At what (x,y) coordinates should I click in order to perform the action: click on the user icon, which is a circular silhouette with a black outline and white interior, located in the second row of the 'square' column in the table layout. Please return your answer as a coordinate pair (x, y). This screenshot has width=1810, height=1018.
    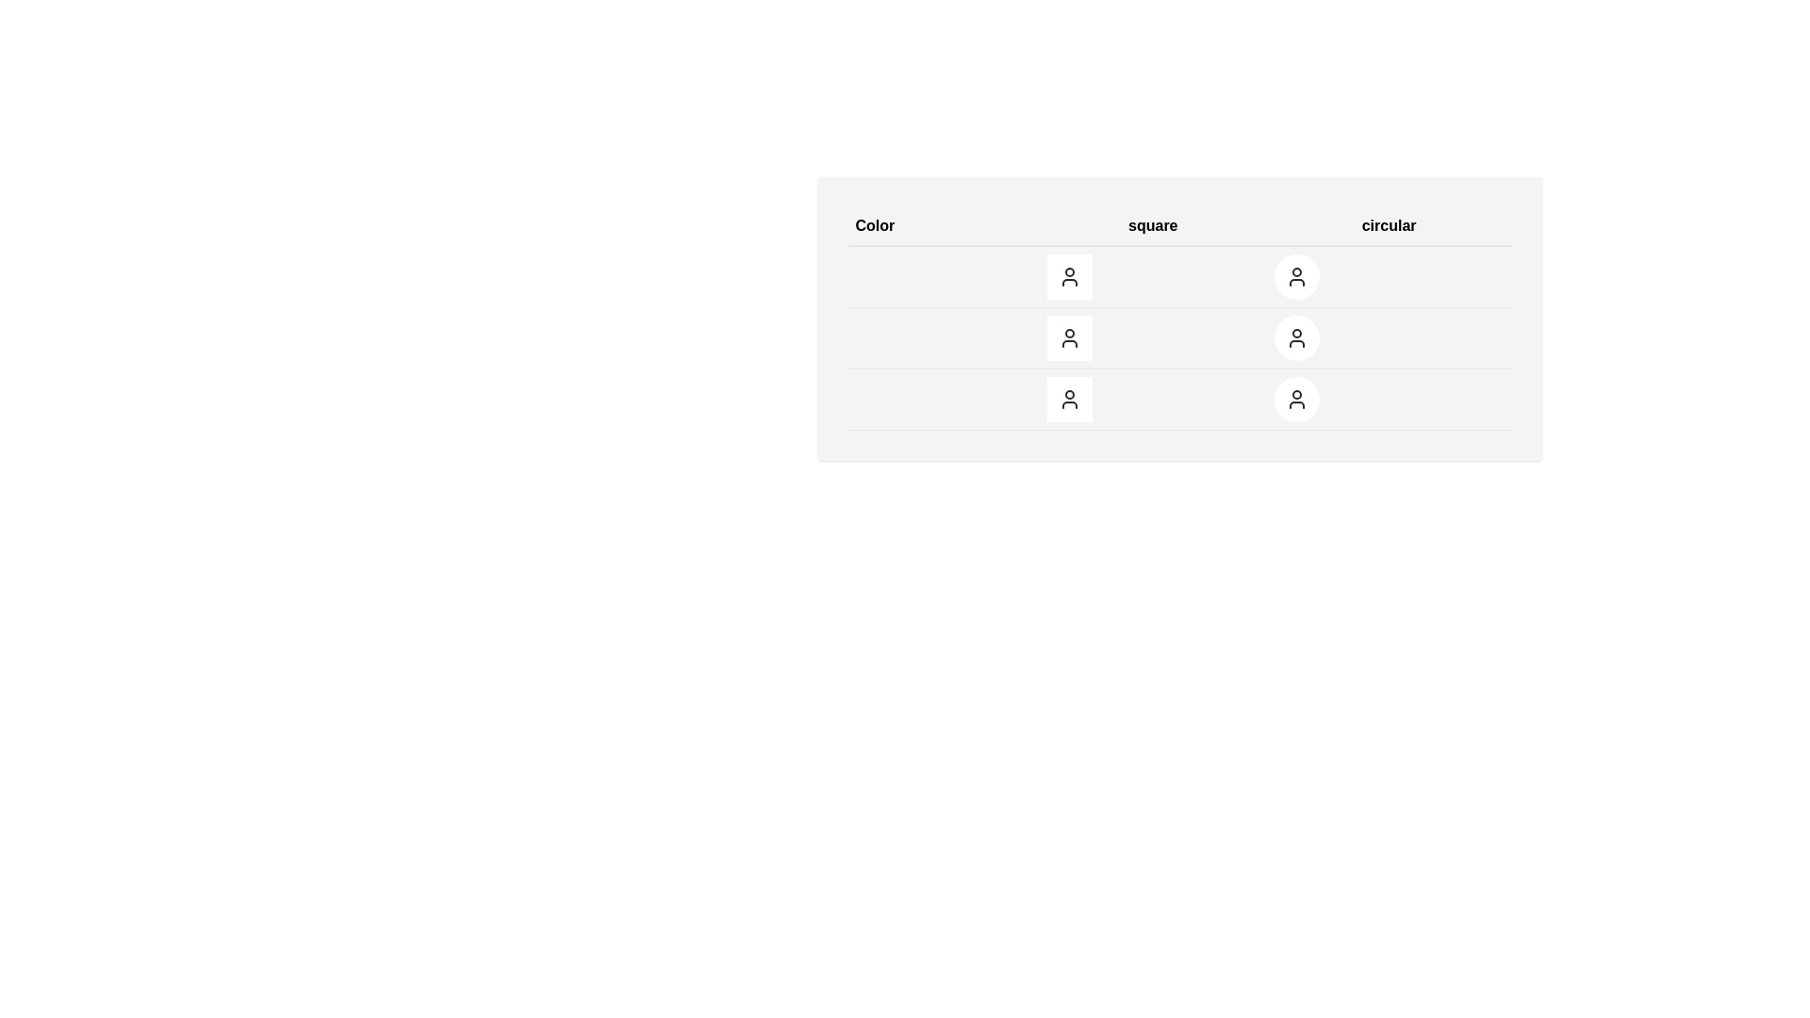
    Looking at the image, I should click on (1069, 337).